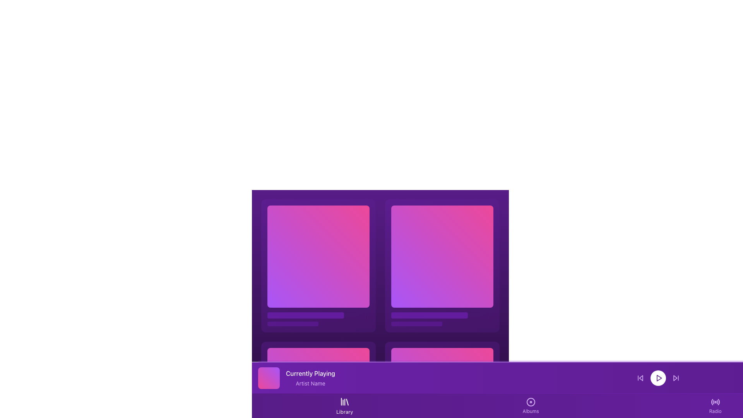 The image size is (743, 418). What do you see at coordinates (305, 315) in the screenshot?
I see `the top progress bar element, which serves as a decorative or progress indicator, positioned above a smaller bar in a vertical stack` at bounding box center [305, 315].